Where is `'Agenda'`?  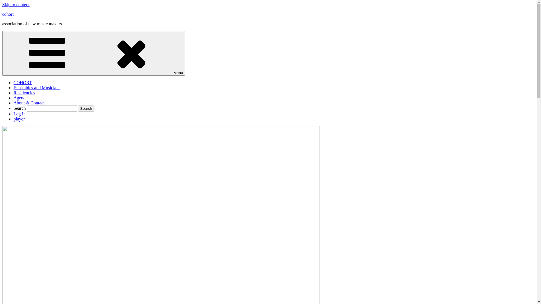
'Agenda' is located at coordinates (20, 97).